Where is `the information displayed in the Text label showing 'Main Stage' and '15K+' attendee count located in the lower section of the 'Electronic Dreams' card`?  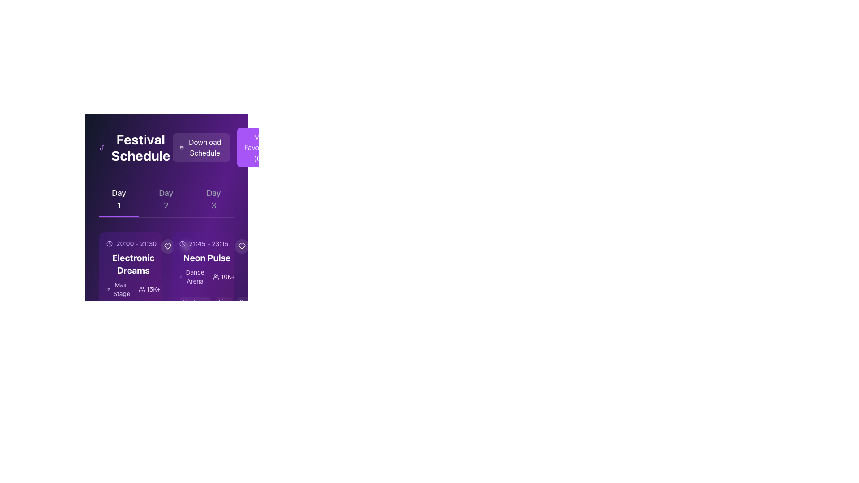
the information displayed in the Text label showing 'Main Stage' and '15K+' attendee count located in the lower section of the 'Electronic Dreams' card is located at coordinates (133, 289).